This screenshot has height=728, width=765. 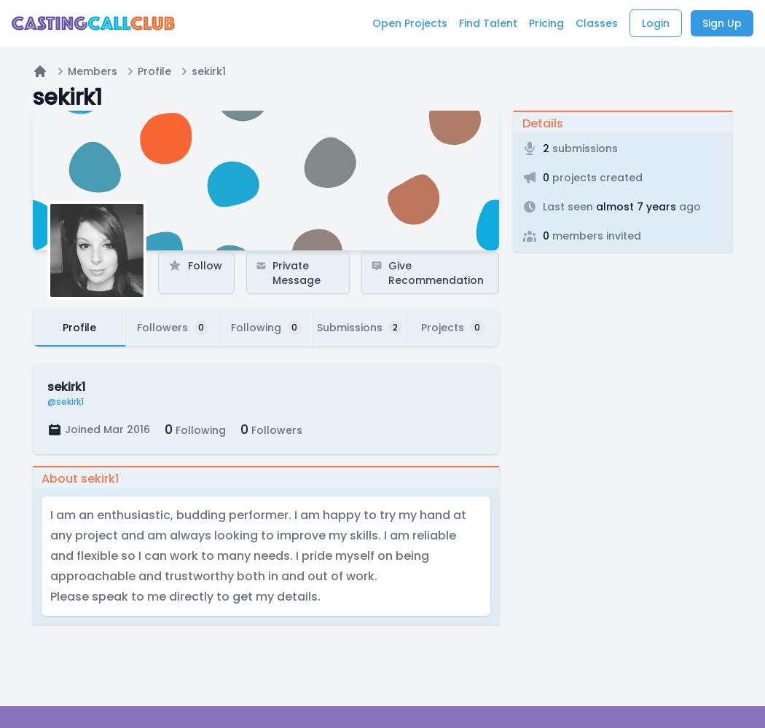 I want to click on 'almost 7 years', so click(x=633, y=207).